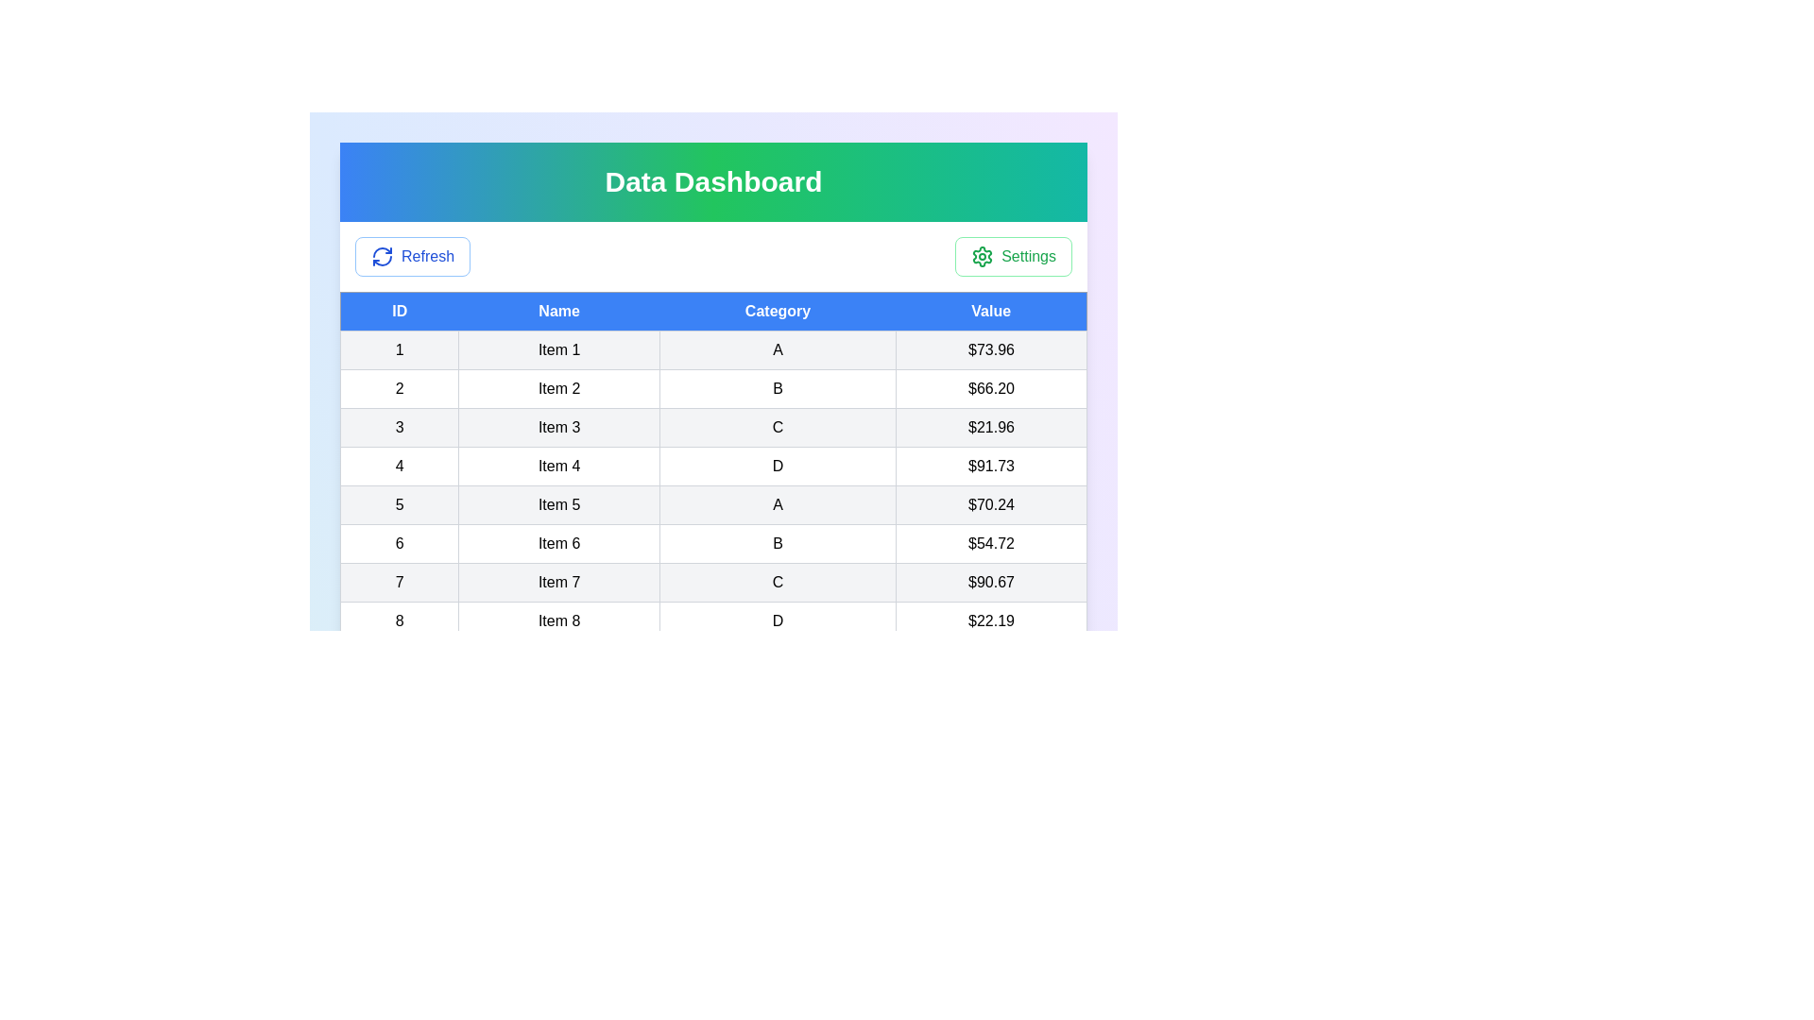  I want to click on the table header Category to sort or filter the column, so click(778, 311).